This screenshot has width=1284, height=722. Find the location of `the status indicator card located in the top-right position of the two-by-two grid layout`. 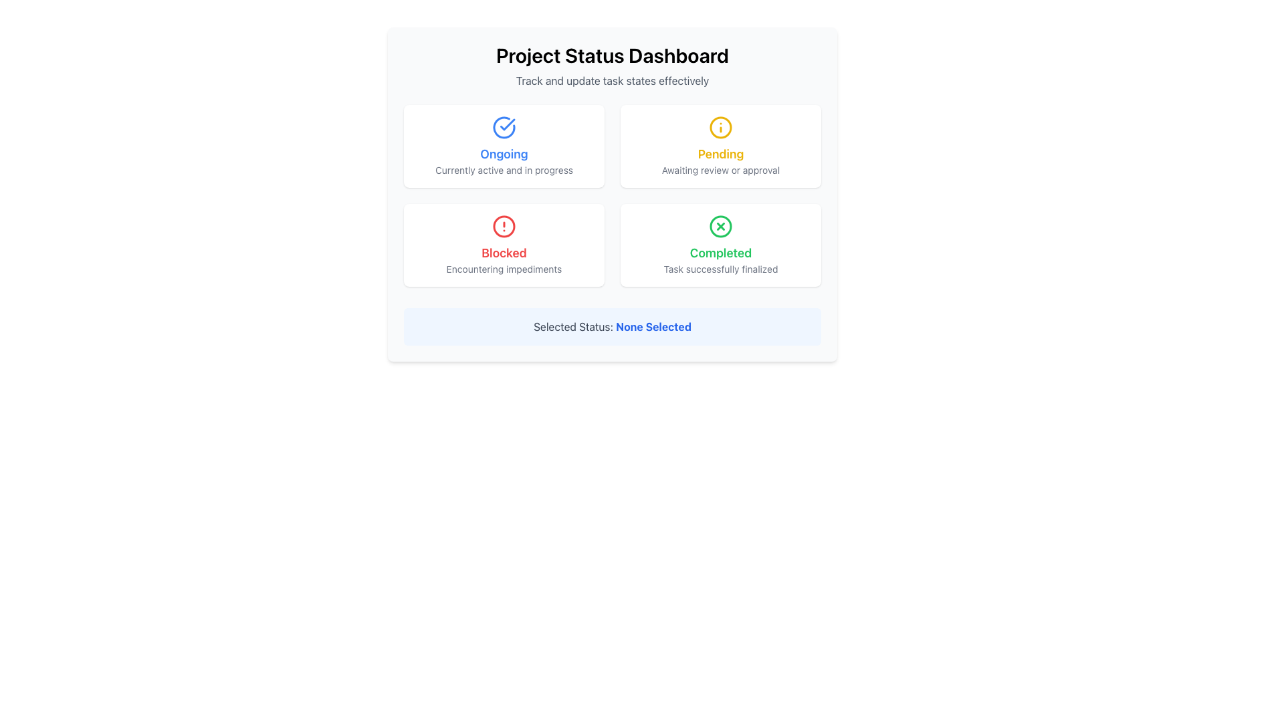

the status indicator card located in the top-right position of the two-by-two grid layout is located at coordinates (720, 146).